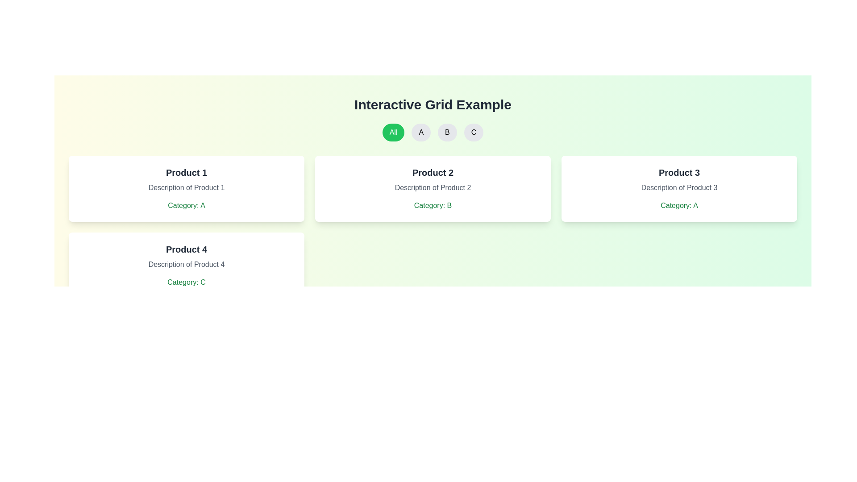 This screenshot has height=482, width=857. Describe the element at coordinates (186, 188) in the screenshot. I see `the first card in the grid layout, which has a white background, rounded corners, and contains the title 'Product 1'` at that location.